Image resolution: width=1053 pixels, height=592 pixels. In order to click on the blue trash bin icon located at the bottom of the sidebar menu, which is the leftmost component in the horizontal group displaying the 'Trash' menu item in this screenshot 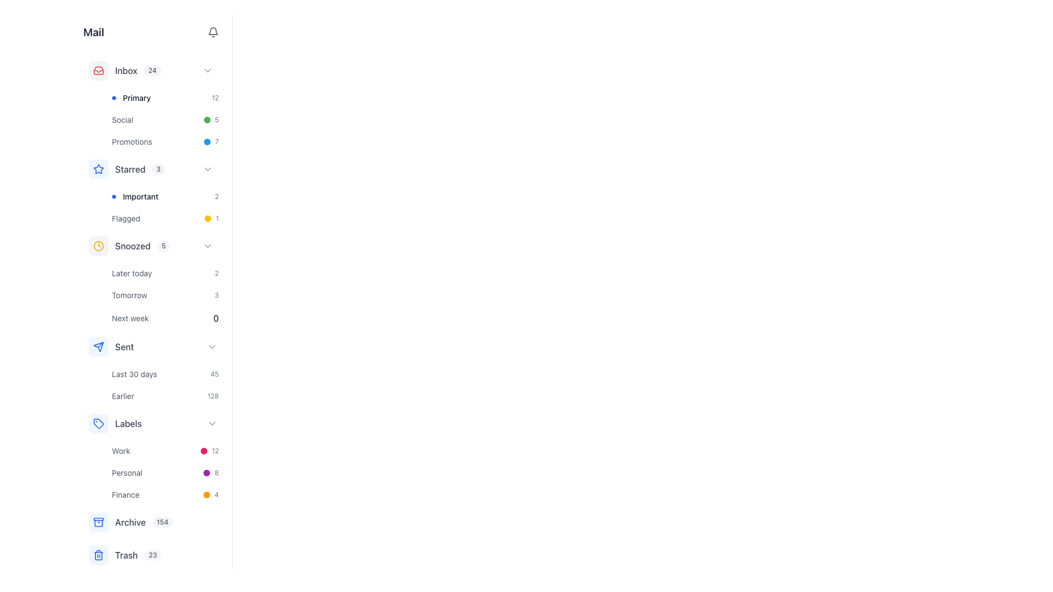, I will do `click(99, 555)`.